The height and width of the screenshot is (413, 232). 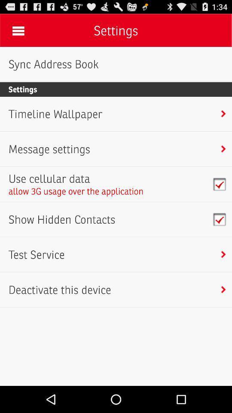 What do you see at coordinates (76, 191) in the screenshot?
I see `icon below the use cellular data icon` at bounding box center [76, 191].